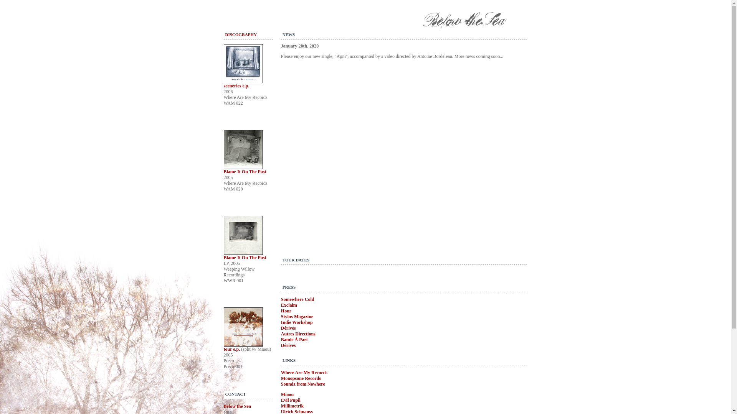  What do you see at coordinates (236, 85) in the screenshot?
I see `'sceneries e.p.'` at bounding box center [236, 85].